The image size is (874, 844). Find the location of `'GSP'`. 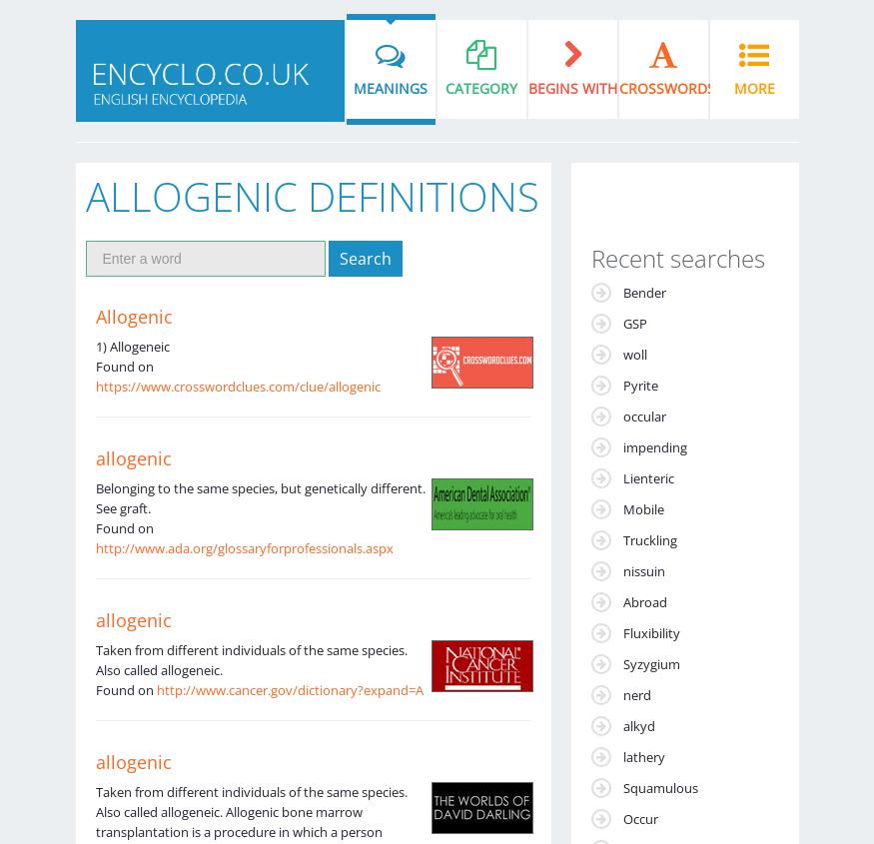

'GSP' is located at coordinates (632, 322).